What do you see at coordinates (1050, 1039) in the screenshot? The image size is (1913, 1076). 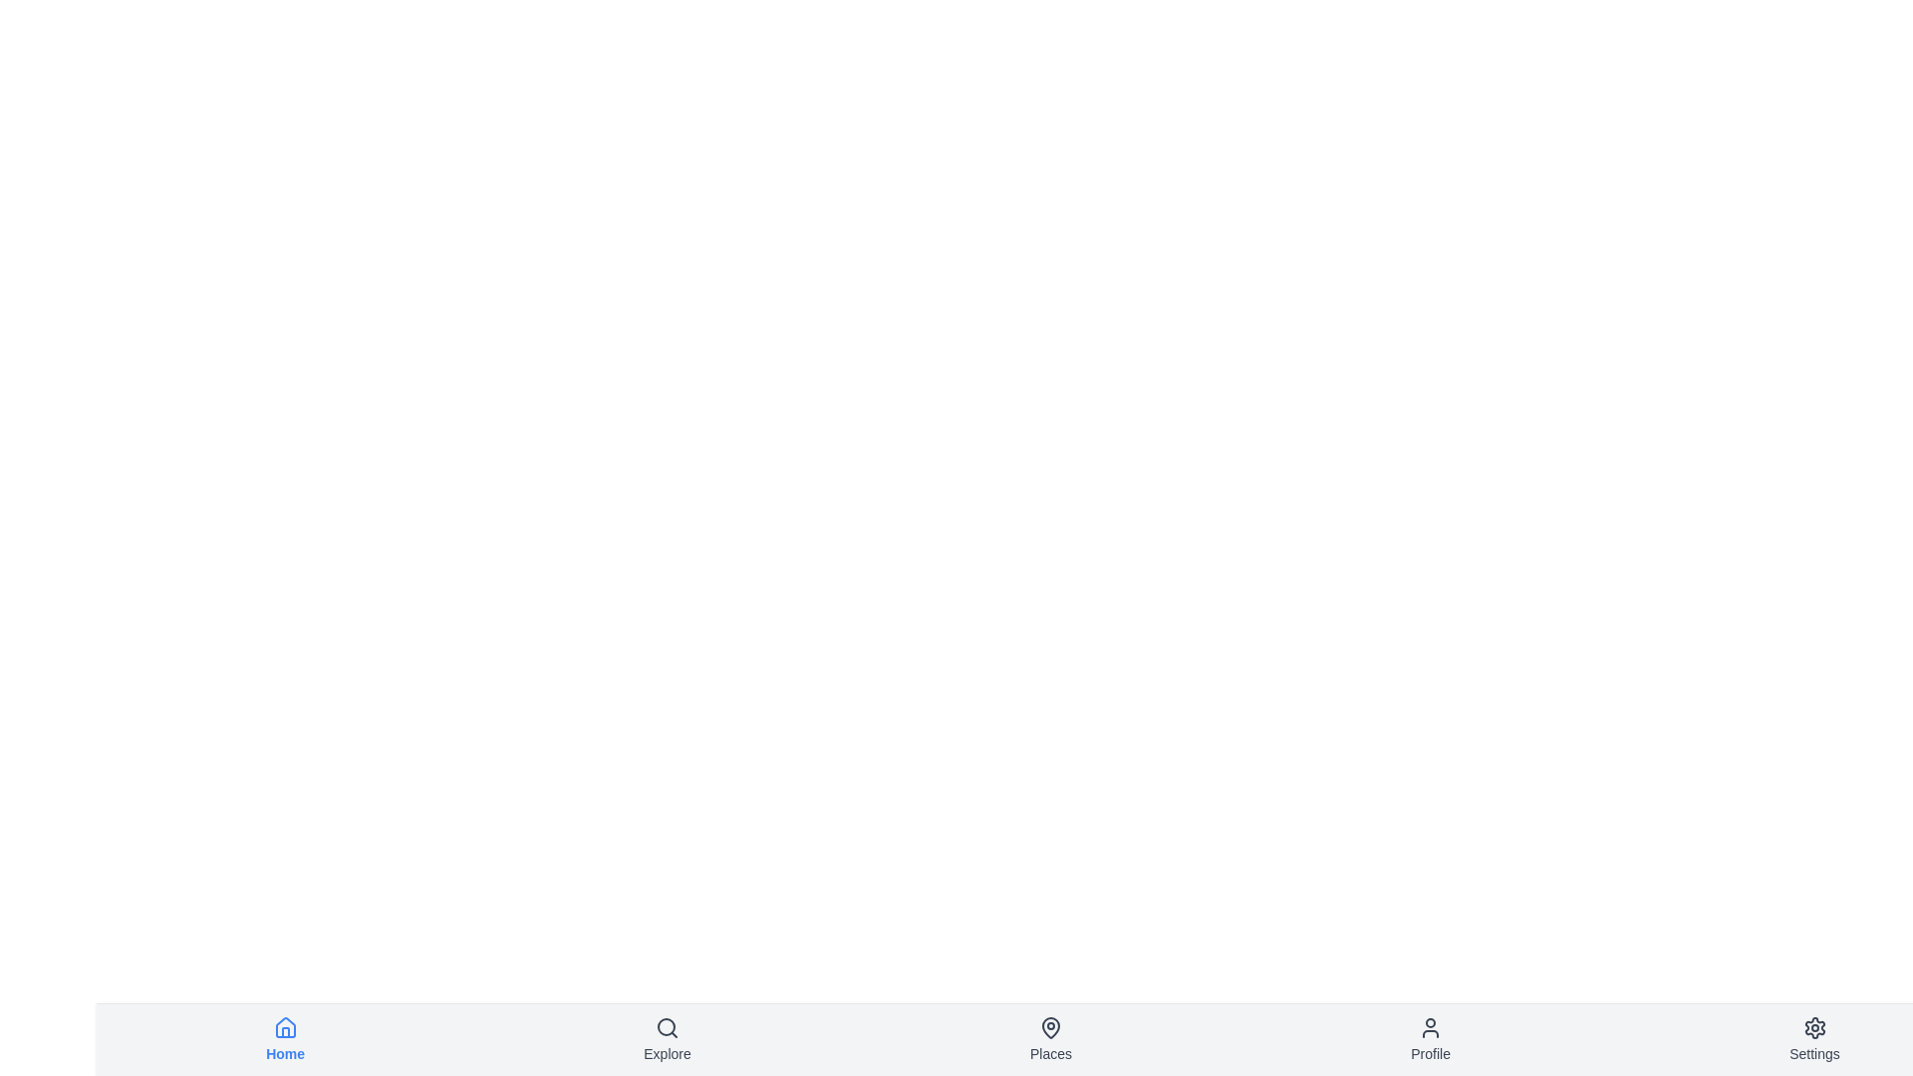 I see `the navigation item labeled Places` at bounding box center [1050, 1039].